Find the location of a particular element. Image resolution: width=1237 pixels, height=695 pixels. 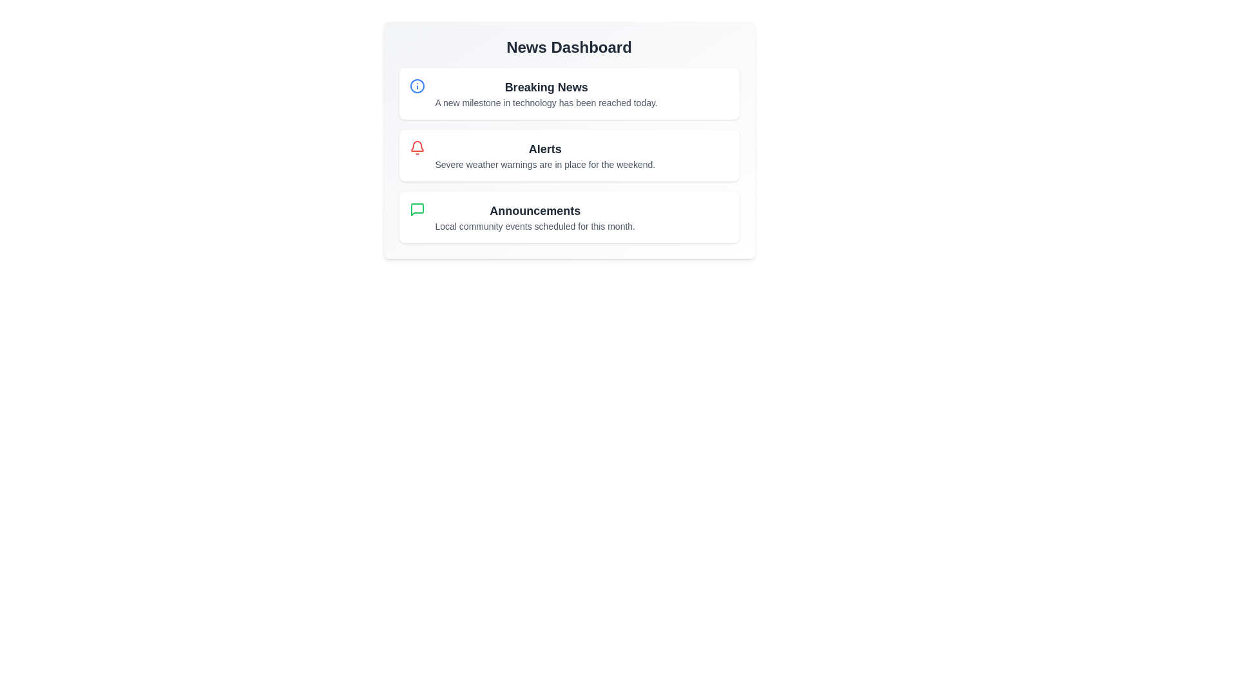

the title of the third news item 'Announcements' is located at coordinates (535, 210).